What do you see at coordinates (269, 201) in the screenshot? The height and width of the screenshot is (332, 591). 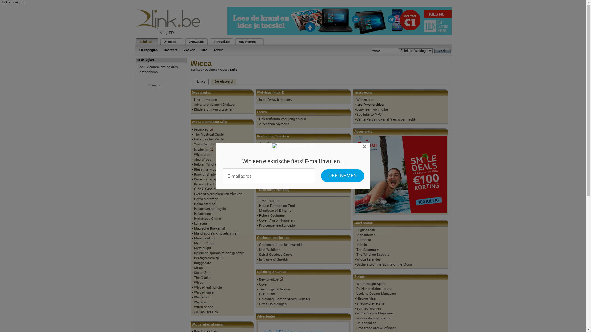 I see `'1734 traditie'` at bounding box center [269, 201].